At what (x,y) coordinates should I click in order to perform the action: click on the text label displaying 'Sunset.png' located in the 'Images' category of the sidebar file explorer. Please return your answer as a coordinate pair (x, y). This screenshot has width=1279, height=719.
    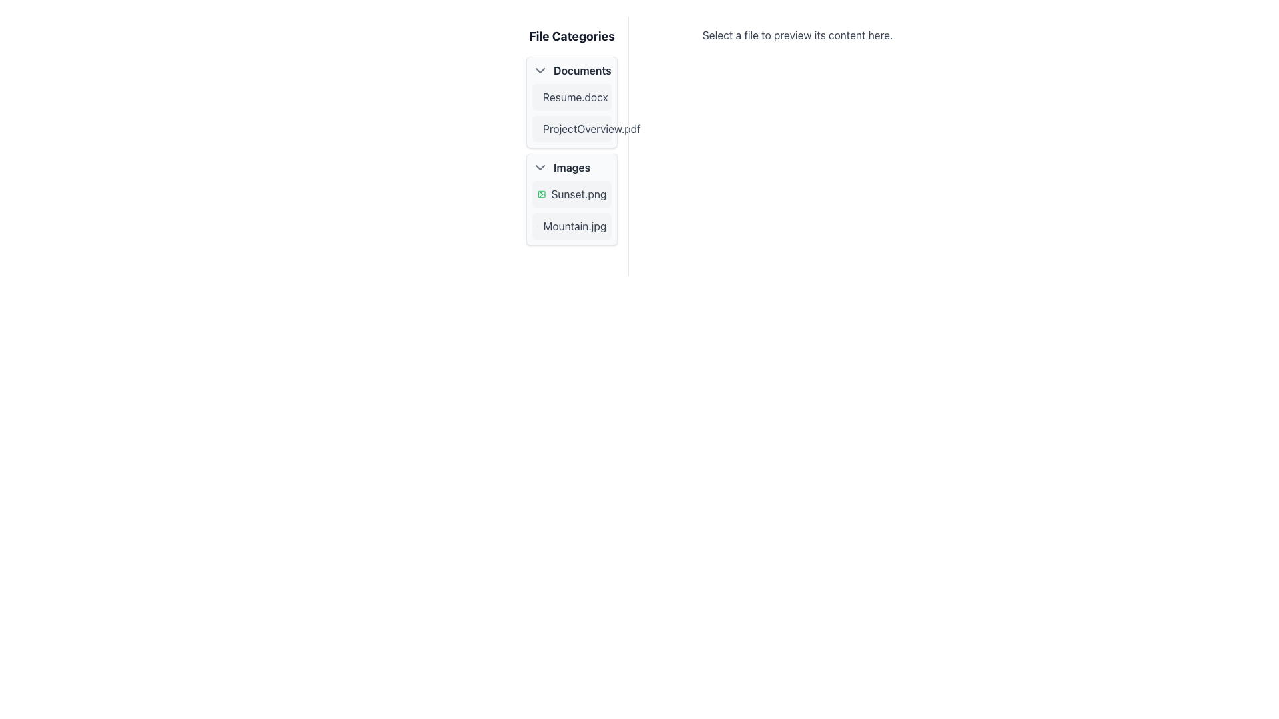
    Looking at the image, I should click on (578, 194).